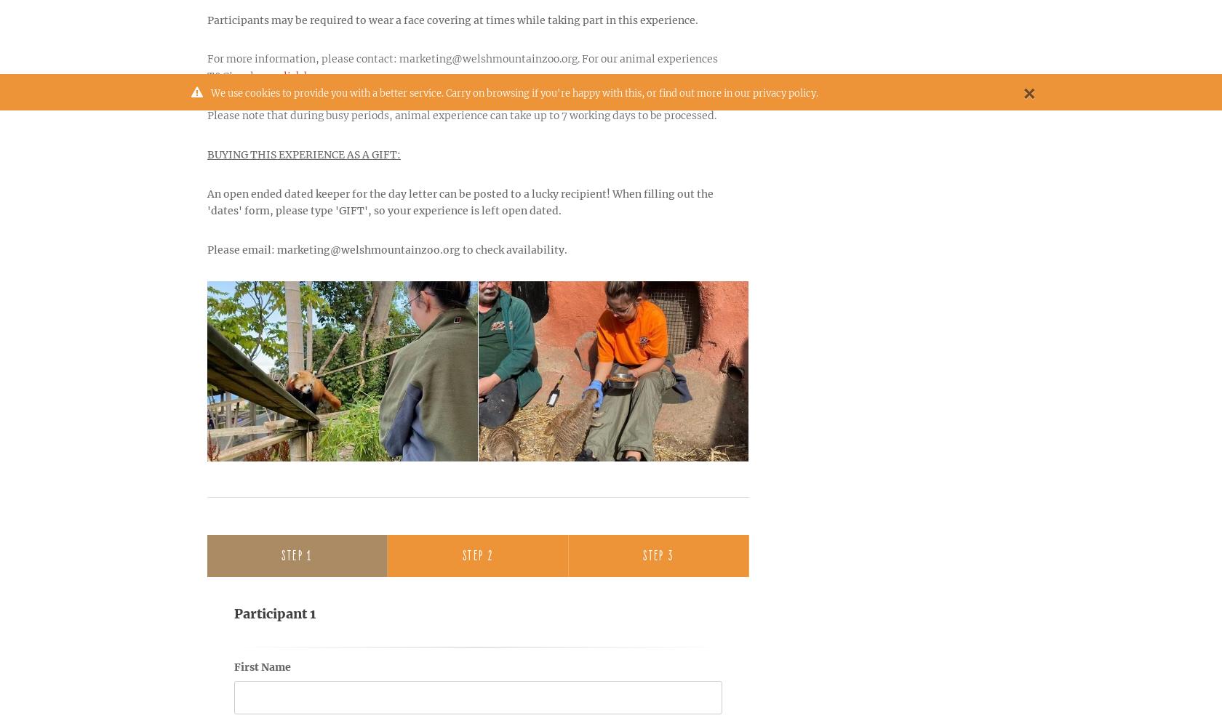  I want to click on 'Please email: marketing@welshmountainzoo.org to check availability.', so click(387, 249).